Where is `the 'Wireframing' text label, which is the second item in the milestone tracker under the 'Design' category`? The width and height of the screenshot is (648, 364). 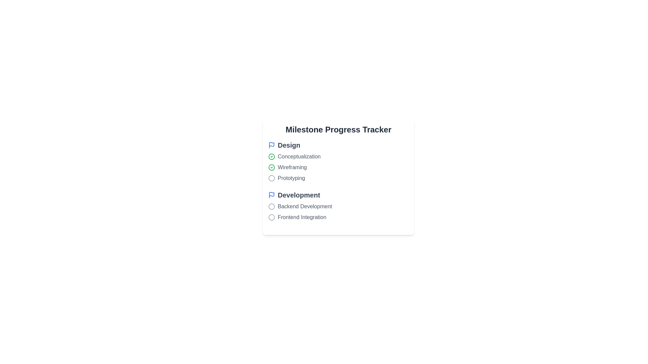
the 'Wireframing' text label, which is the second item in the milestone tracker under the 'Design' category is located at coordinates (292, 167).